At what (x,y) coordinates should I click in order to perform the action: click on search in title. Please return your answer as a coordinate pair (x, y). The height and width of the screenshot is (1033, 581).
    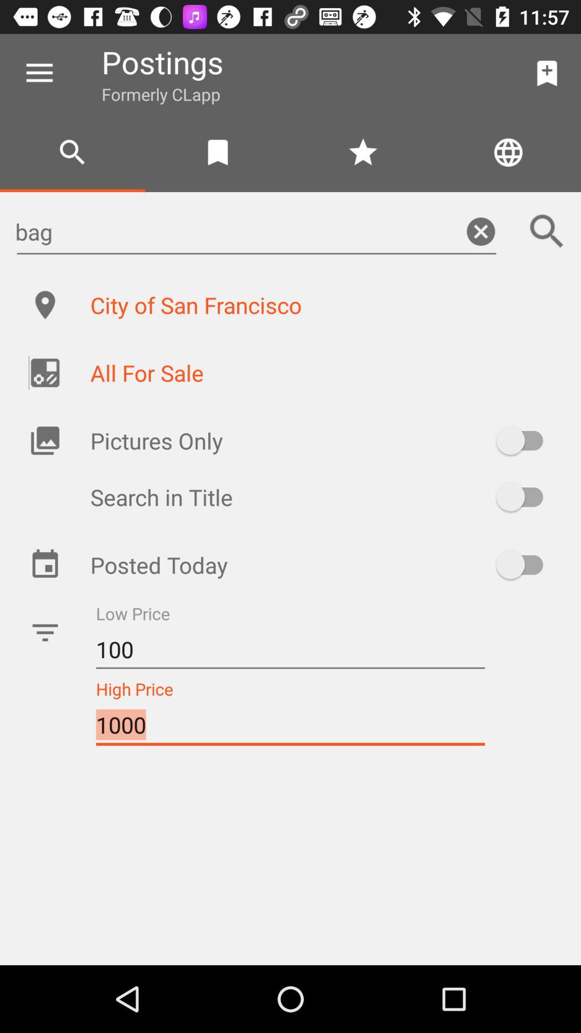
    Looking at the image, I should click on (524, 496).